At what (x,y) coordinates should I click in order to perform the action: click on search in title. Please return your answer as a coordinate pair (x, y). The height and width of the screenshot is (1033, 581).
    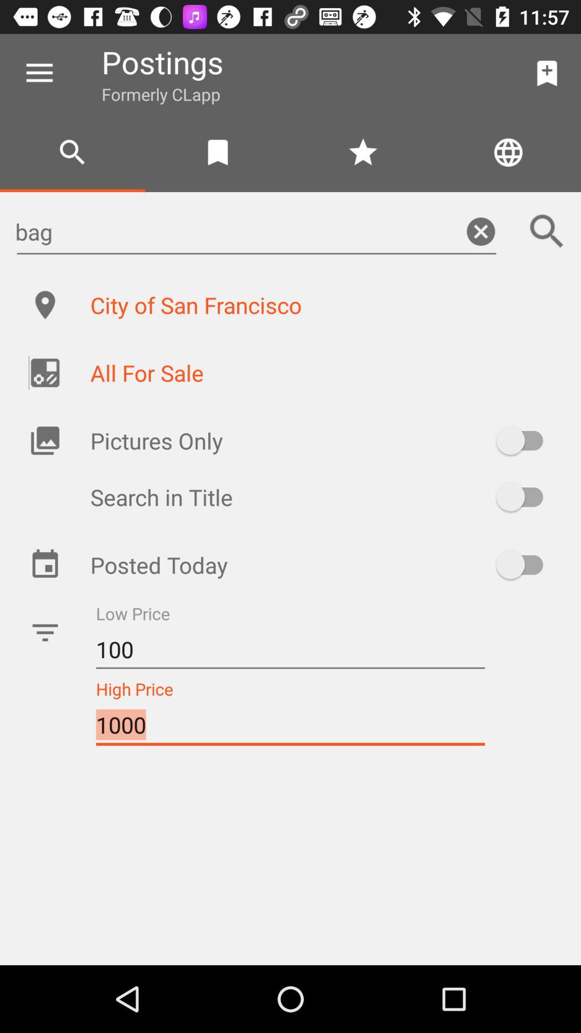
    Looking at the image, I should click on (524, 496).